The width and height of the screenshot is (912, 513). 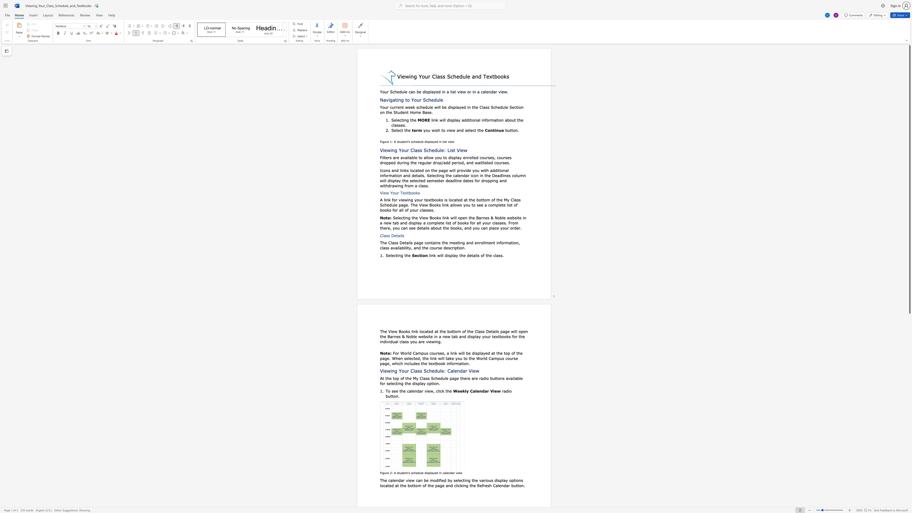 What do you see at coordinates (909, 480) in the screenshot?
I see `the scrollbar to scroll the page down` at bounding box center [909, 480].